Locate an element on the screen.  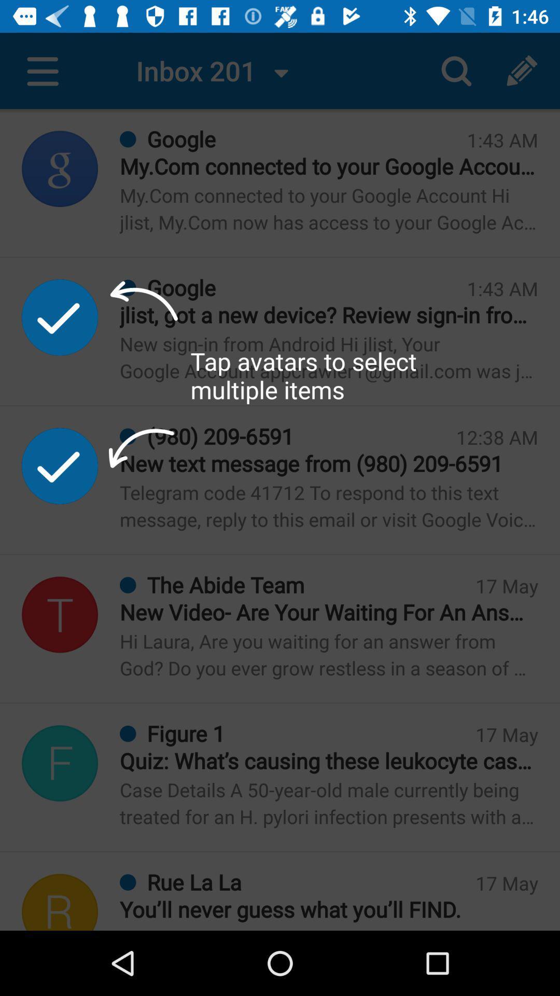
the check icon is located at coordinates (60, 465).